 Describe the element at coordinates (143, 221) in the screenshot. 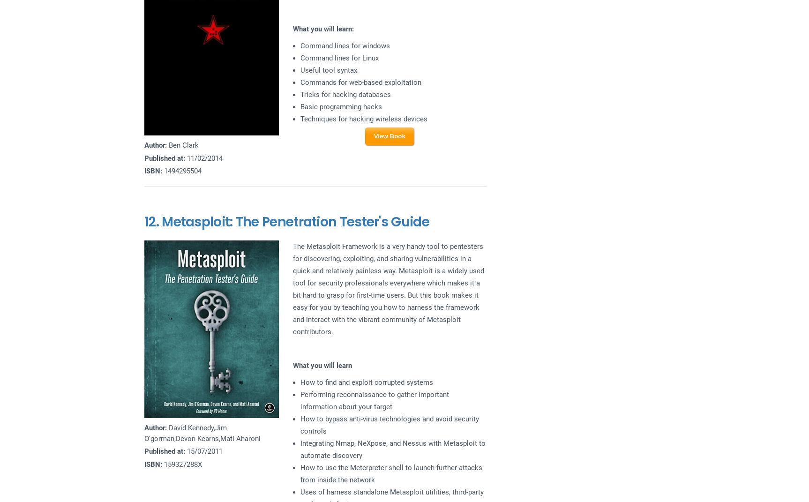

I see `'12.'` at that location.